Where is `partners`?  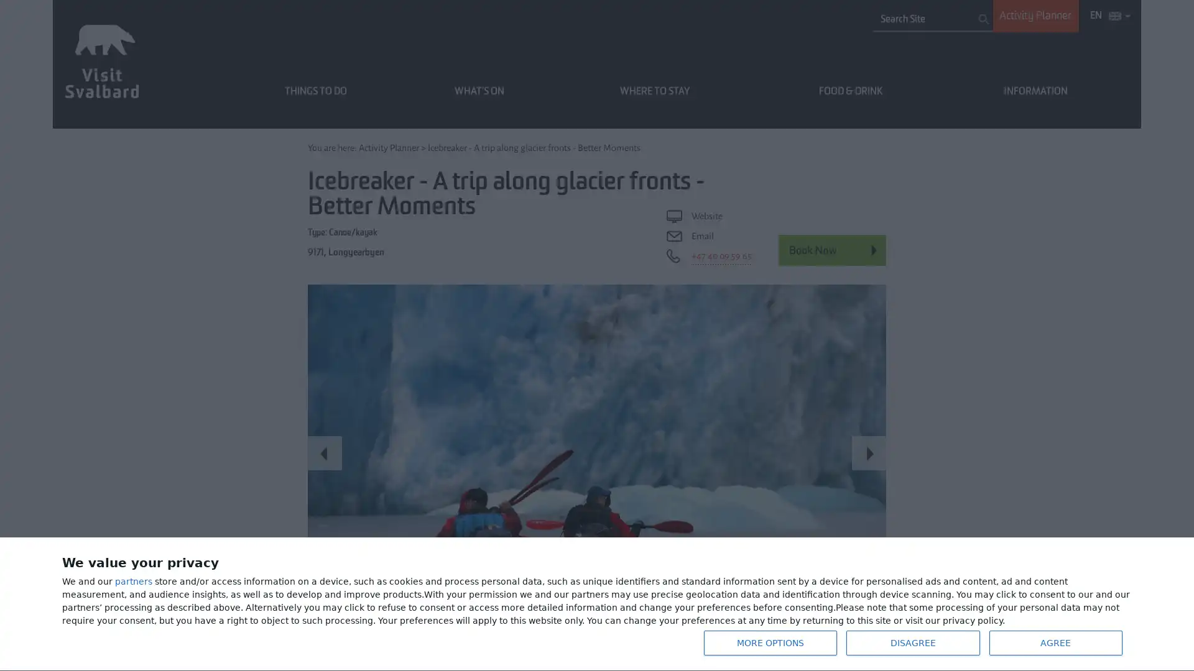 partners is located at coordinates (134, 582).